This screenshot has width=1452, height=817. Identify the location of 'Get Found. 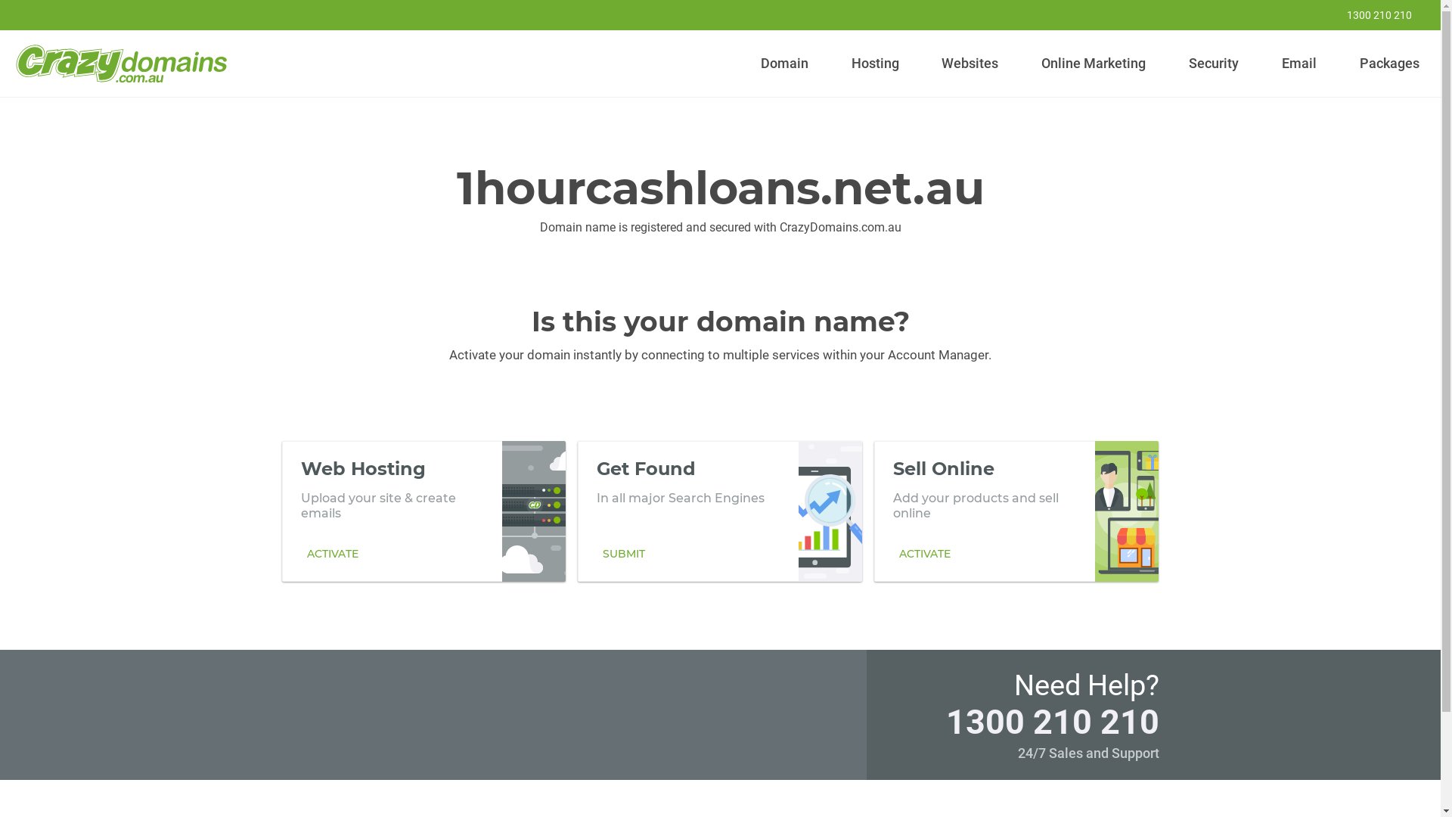
(718, 511).